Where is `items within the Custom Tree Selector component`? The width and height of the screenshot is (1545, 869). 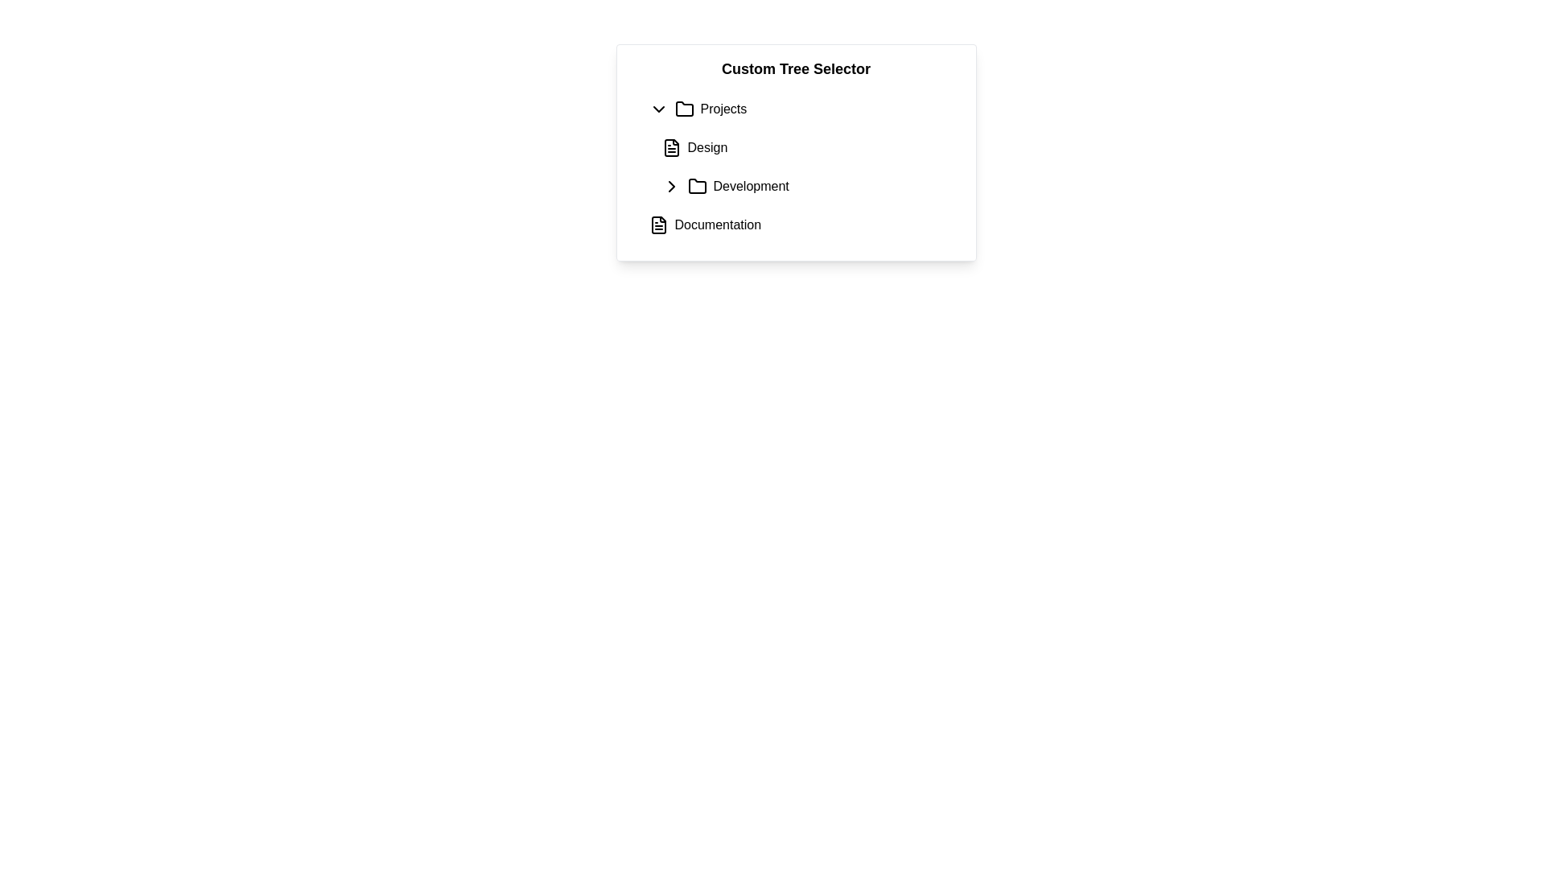
items within the Custom Tree Selector component is located at coordinates (796, 152).